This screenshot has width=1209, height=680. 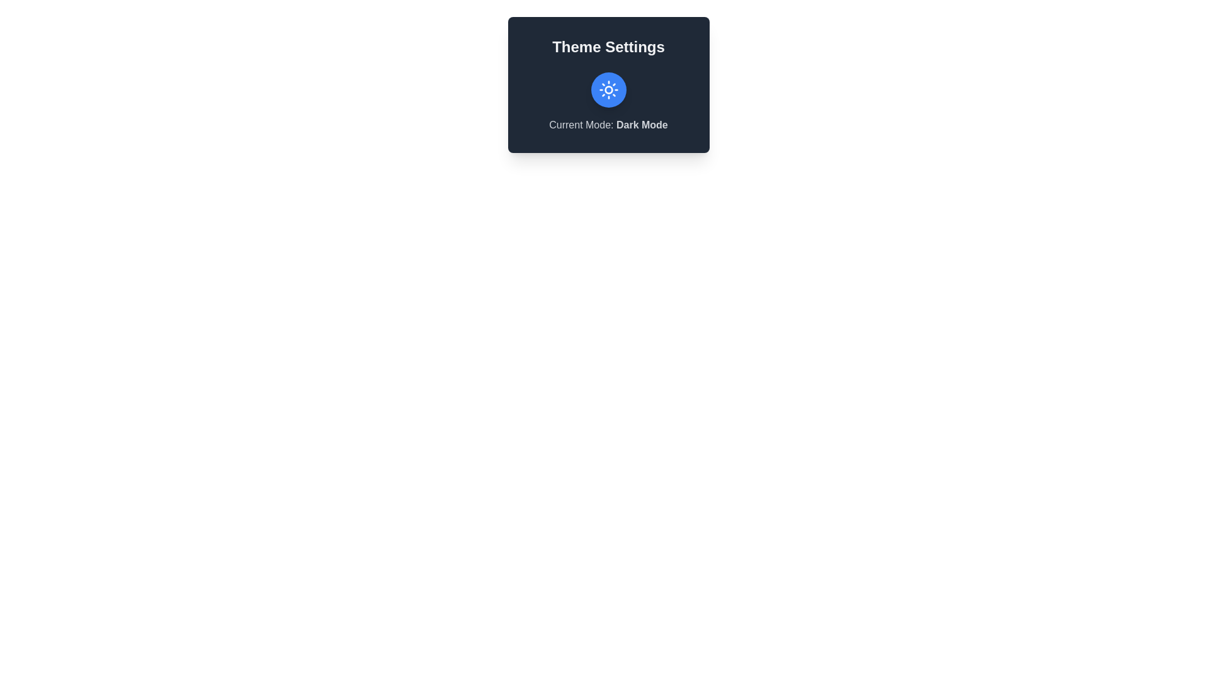 I want to click on central button to toggle the theme mode, so click(x=608, y=89).